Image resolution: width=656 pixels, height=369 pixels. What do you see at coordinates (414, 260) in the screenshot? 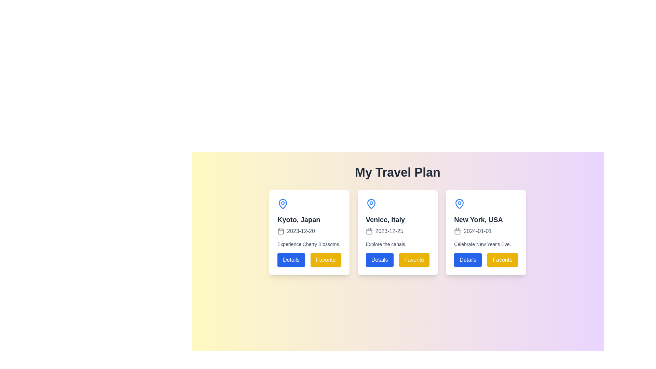
I see `the 'Favorite' button located at the bottom-right corner of the middle card in the 'My Travel Plan' section` at bounding box center [414, 260].